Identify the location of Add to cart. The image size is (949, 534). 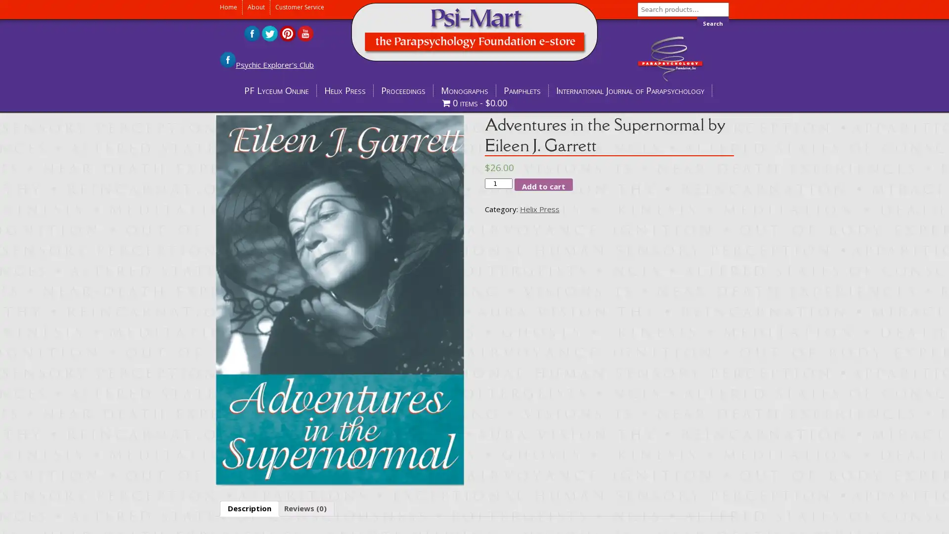
(543, 184).